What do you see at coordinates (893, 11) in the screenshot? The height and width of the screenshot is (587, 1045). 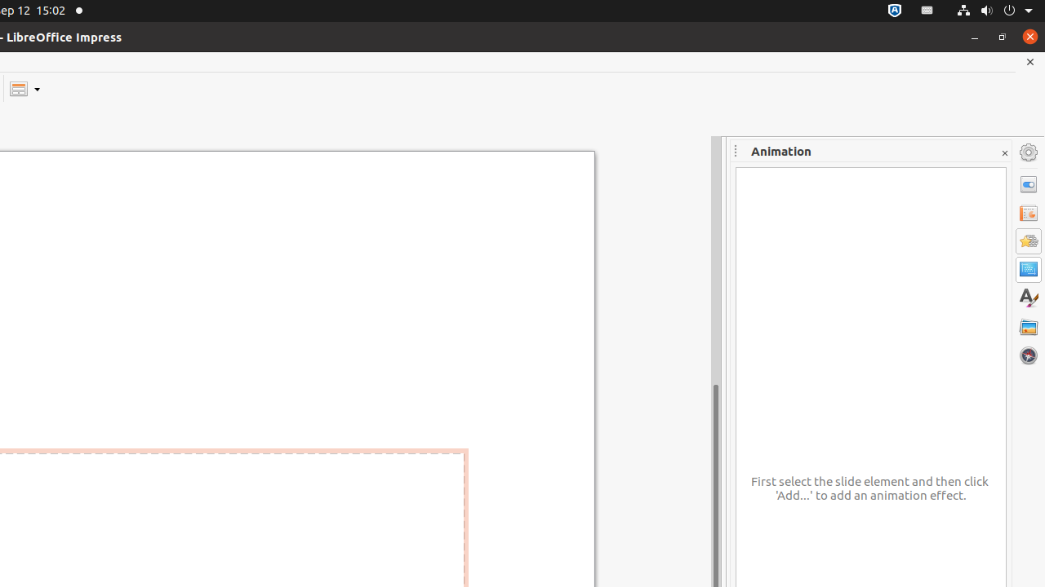 I see `':1.72/StatusNotifierItem'` at bounding box center [893, 11].